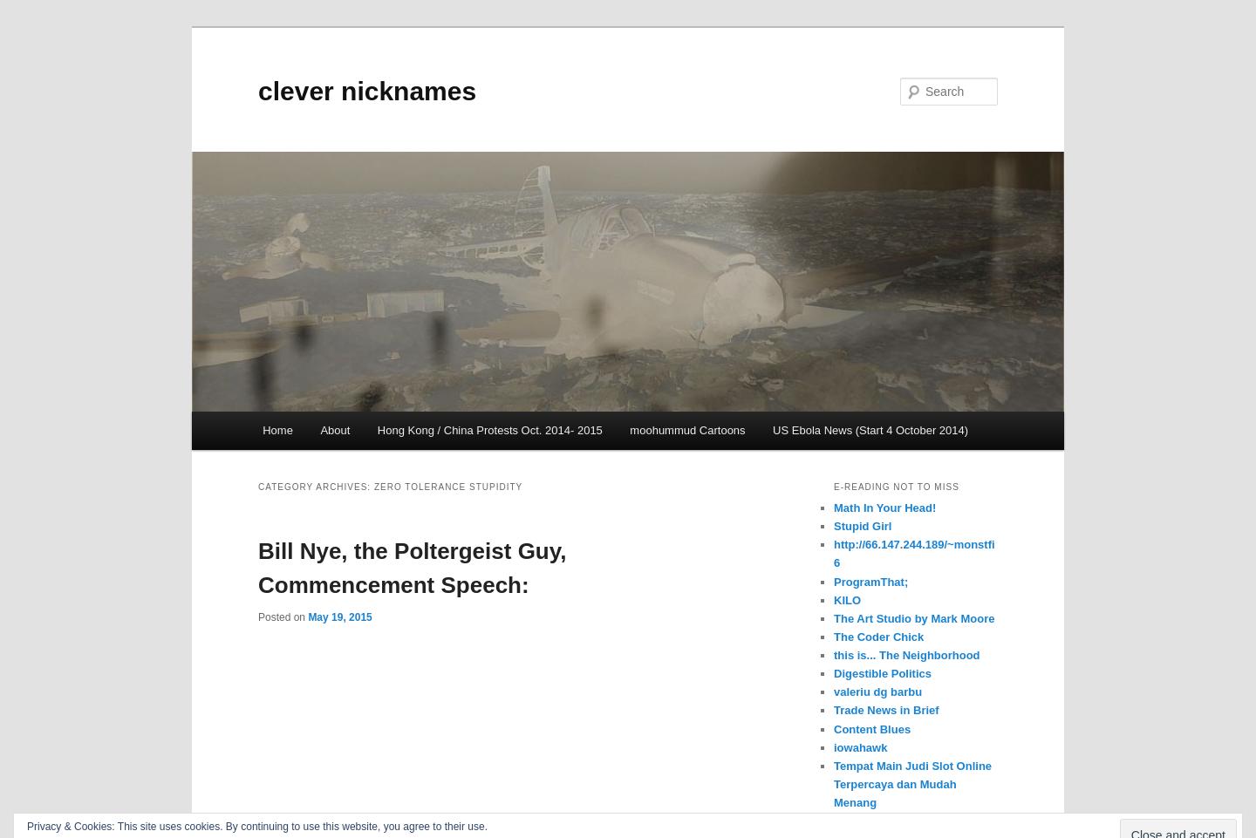  Describe the element at coordinates (412, 567) in the screenshot. I see `'Bill Nye, the Poltergeist Guy, Commencement Speech:'` at that location.